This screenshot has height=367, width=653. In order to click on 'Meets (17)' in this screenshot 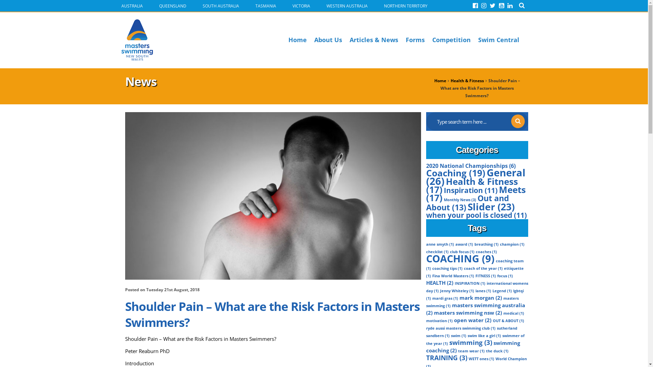, I will do `click(475, 194)`.